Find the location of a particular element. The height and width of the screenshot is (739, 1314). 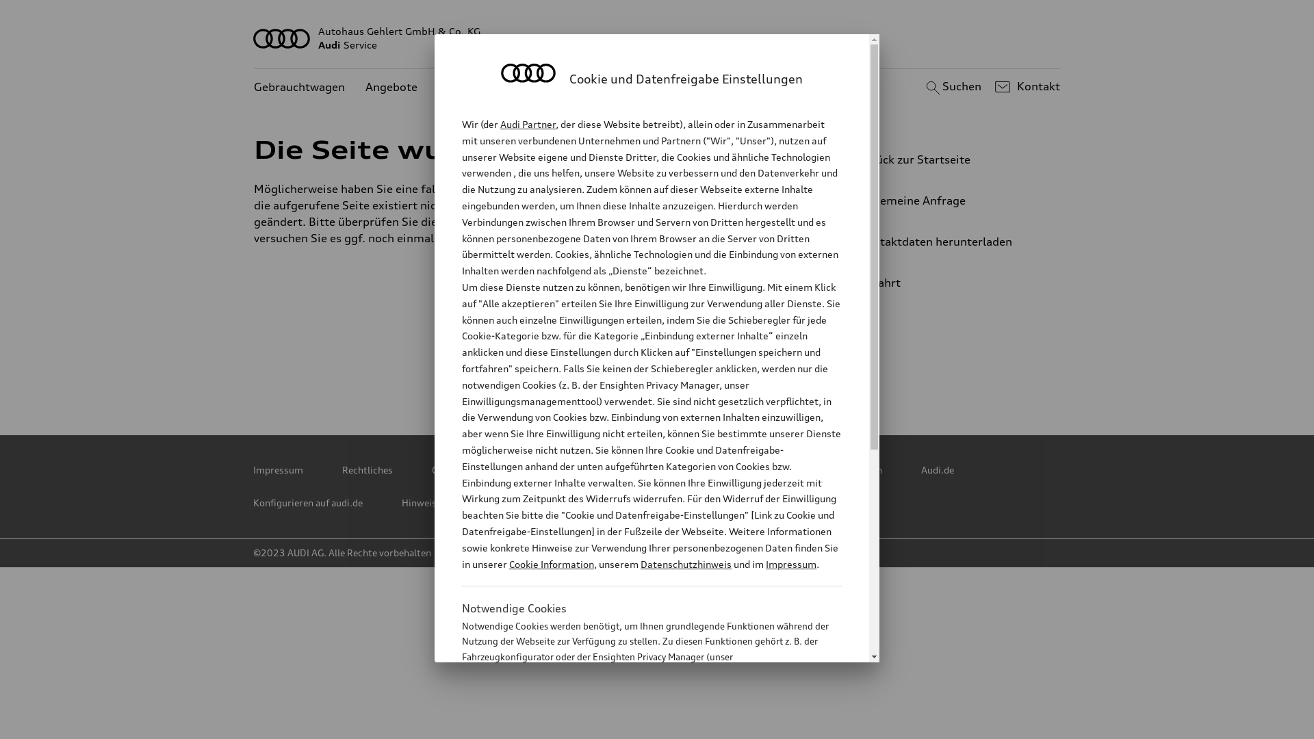

'Audi.de' is located at coordinates (936, 469).